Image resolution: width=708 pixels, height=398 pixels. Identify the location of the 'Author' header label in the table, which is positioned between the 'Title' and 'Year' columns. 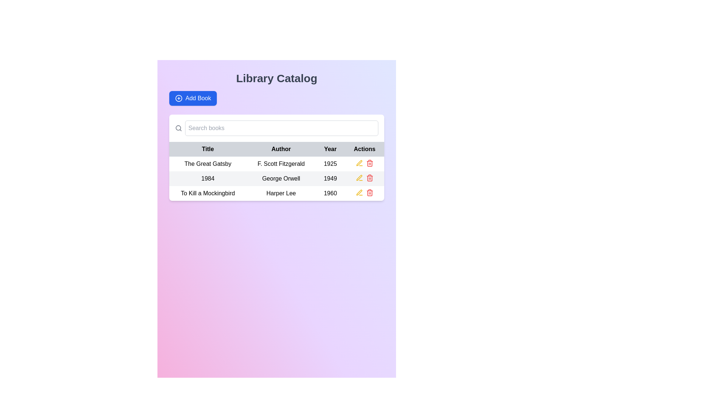
(281, 149).